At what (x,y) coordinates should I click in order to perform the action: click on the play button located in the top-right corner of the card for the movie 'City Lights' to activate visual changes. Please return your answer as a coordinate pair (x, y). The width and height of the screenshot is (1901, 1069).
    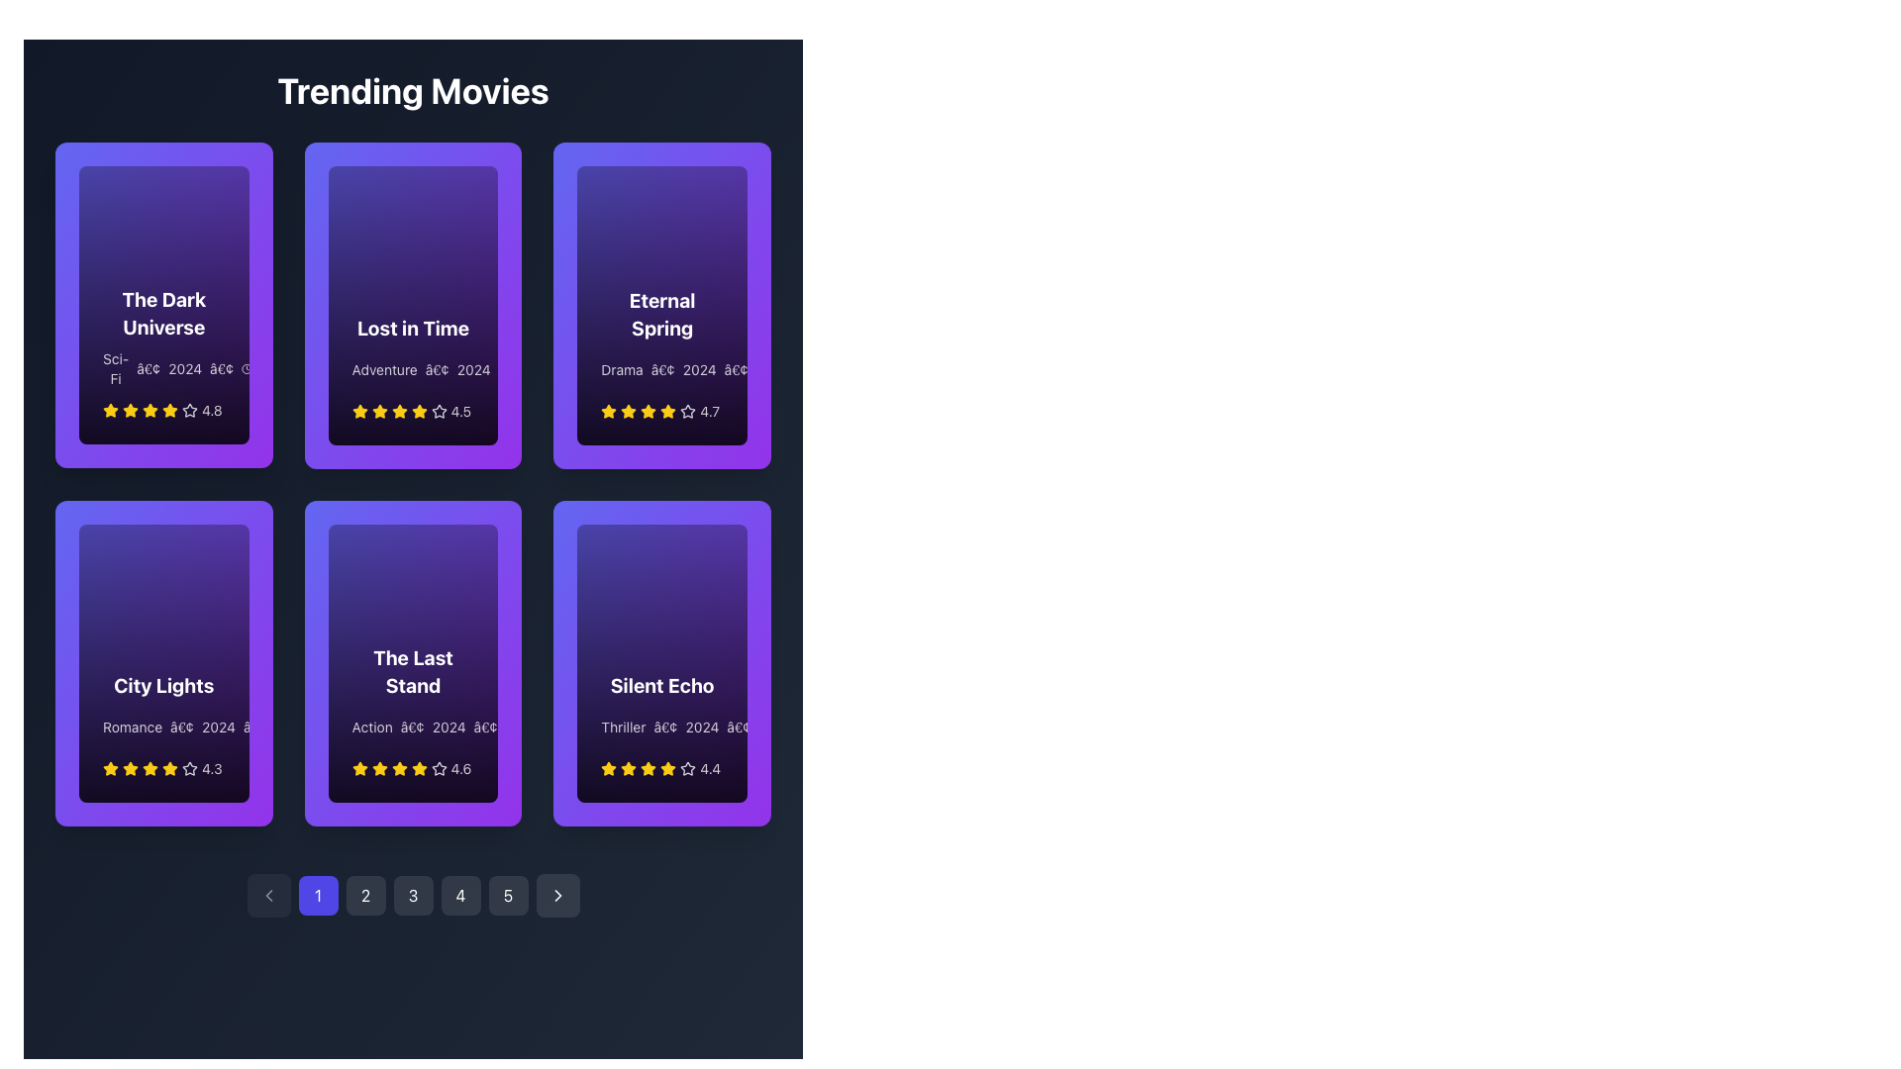
    Looking at the image, I should click on (238, 541).